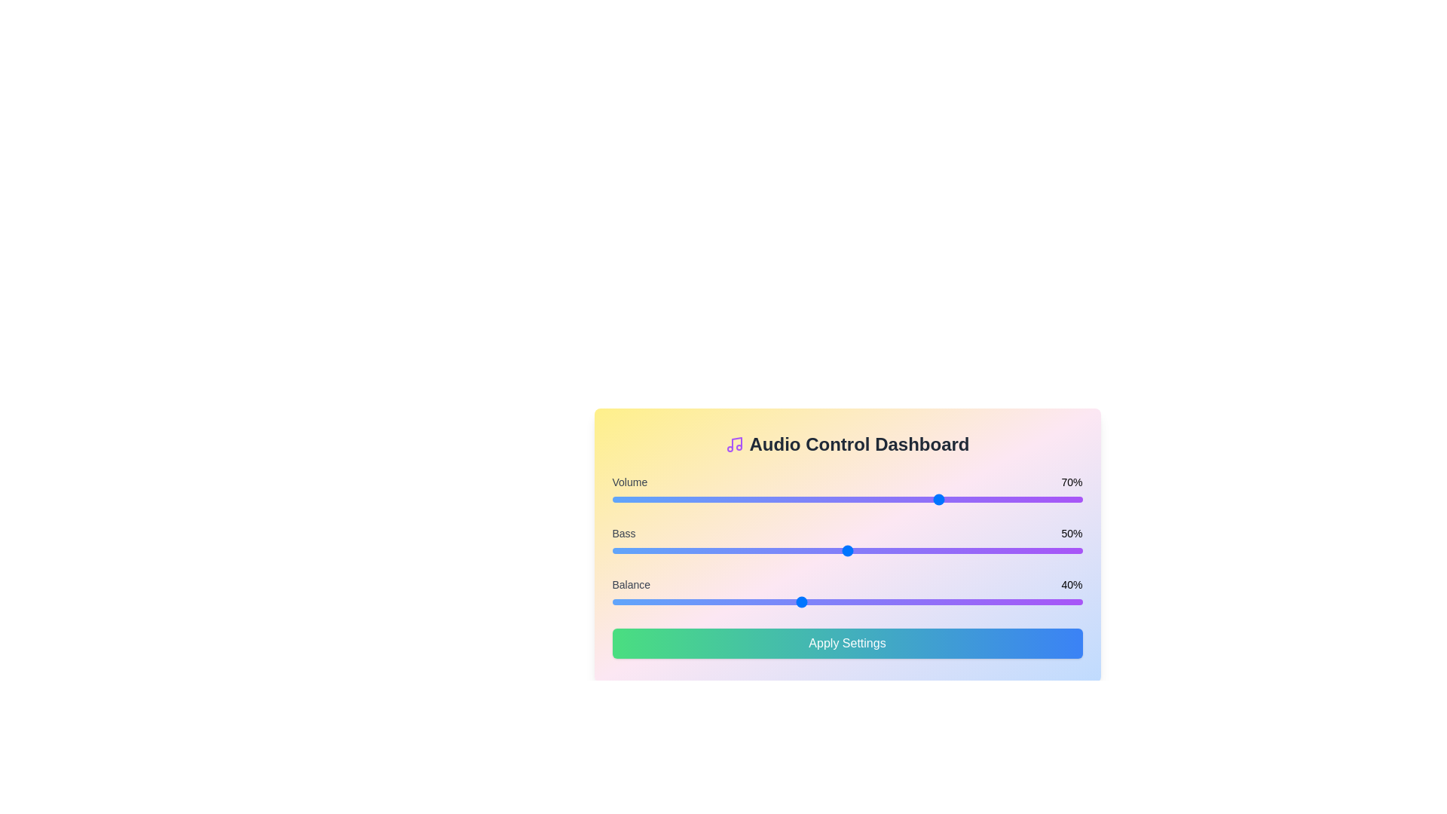 The image size is (1447, 814). What do you see at coordinates (753, 500) in the screenshot?
I see `the volume slider` at bounding box center [753, 500].